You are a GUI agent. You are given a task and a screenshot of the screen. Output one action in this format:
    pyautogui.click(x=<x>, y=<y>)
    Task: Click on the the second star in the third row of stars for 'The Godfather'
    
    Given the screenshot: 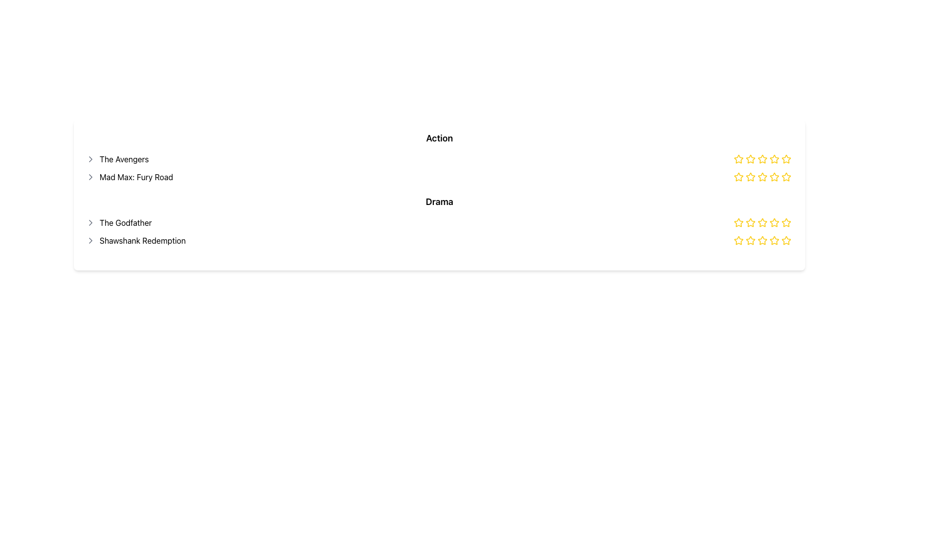 What is the action you would take?
    pyautogui.click(x=750, y=222)
    